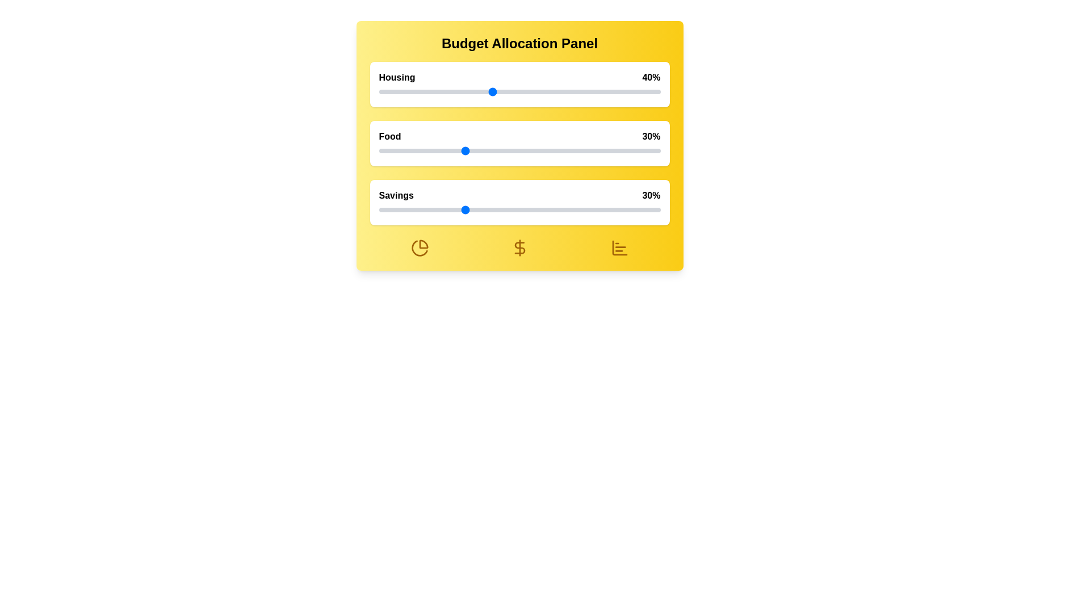 The image size is (1090, 613). What do you see at coordinates (539, 210) in the screenshot?
I see `the slider` at bounding box center [539, 210].